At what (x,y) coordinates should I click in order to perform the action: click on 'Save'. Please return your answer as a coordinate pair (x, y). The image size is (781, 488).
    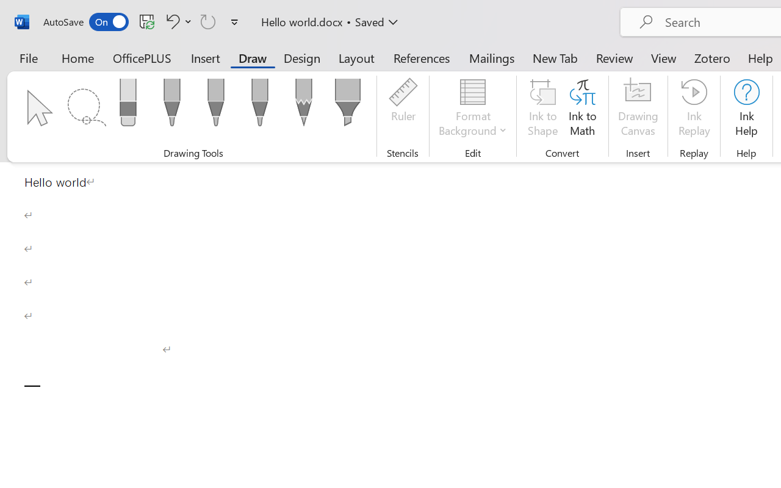
    Looking at the image, I should click on (146, 21).